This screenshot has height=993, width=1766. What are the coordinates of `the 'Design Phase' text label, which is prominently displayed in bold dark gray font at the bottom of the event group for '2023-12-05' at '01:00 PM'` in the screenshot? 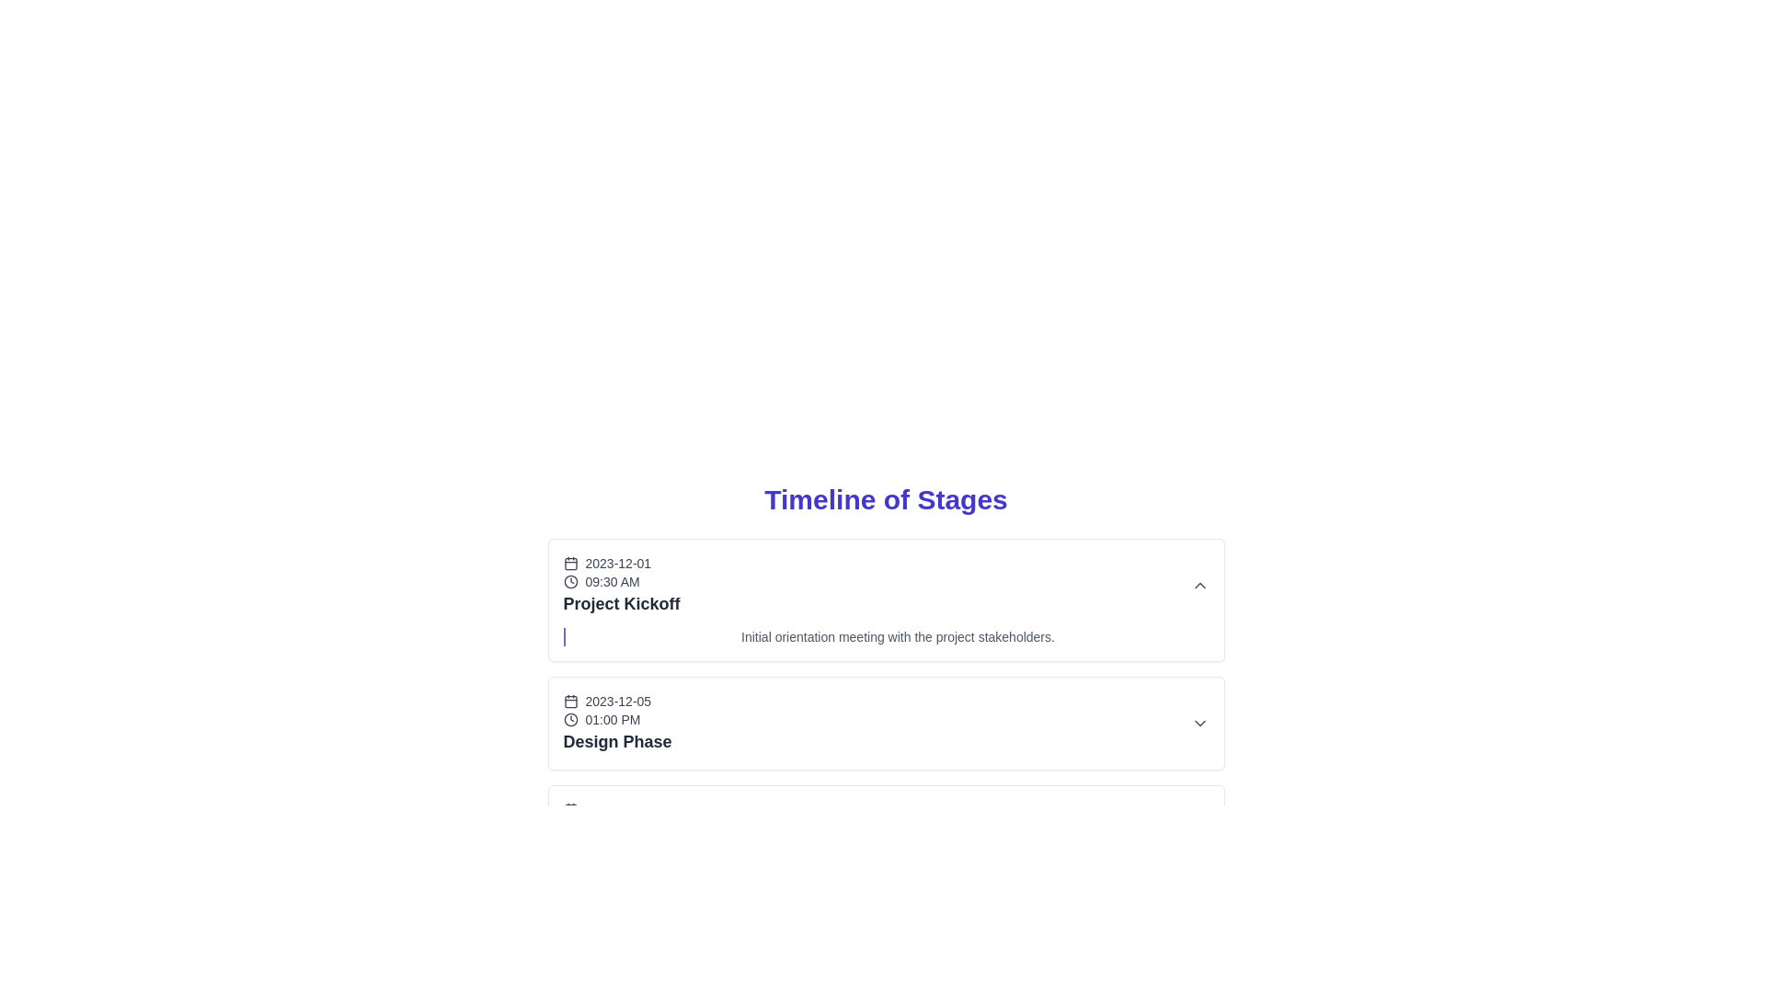 It's located at (617, 740).